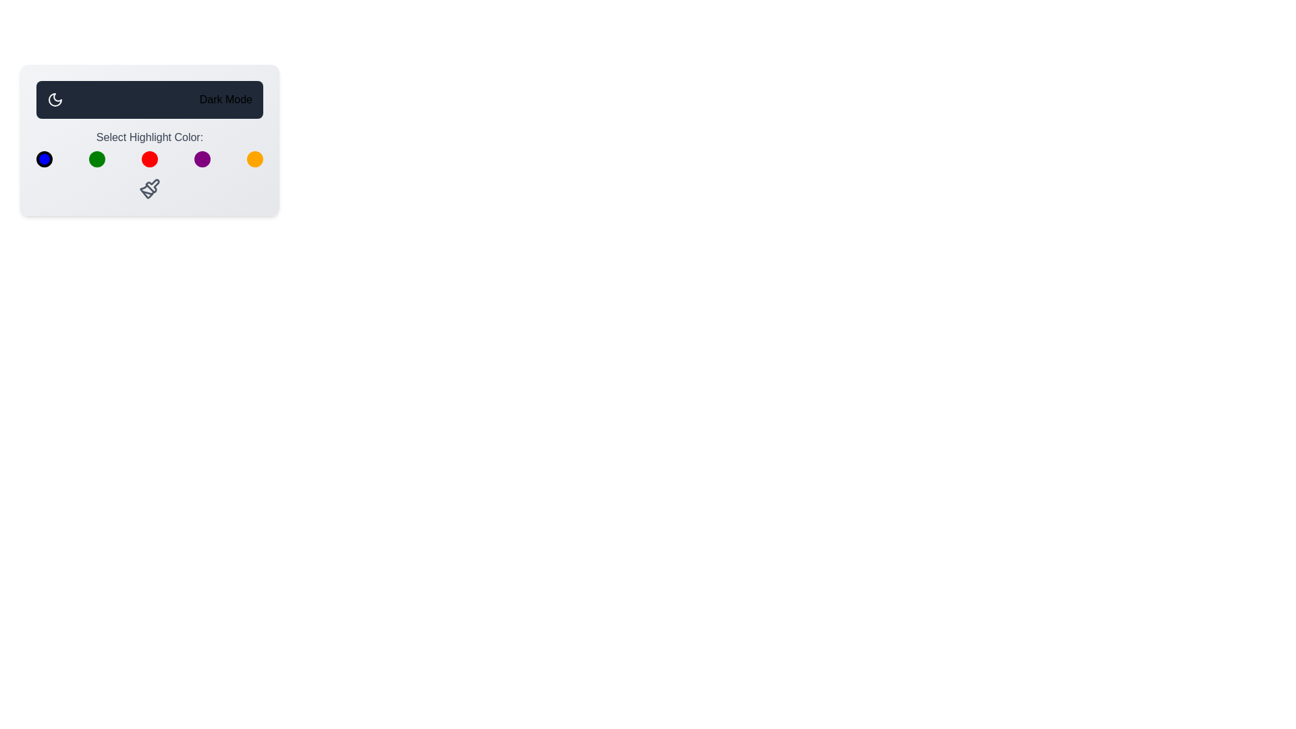 Image resolution: width=1296 pixels, height=729 pixels. I want to click on the leftmost circular button with a blue fill color and black border located under the text 'Select Highlight Color:', so click(45, 158).